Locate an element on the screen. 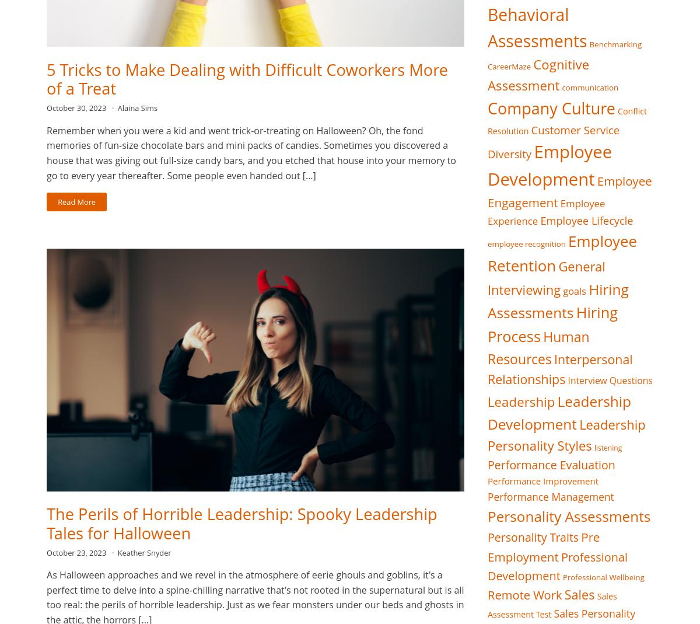 This screenshot has width=700, height=624. 'Behavioral Assessments' is located at coordinates (487, 27).